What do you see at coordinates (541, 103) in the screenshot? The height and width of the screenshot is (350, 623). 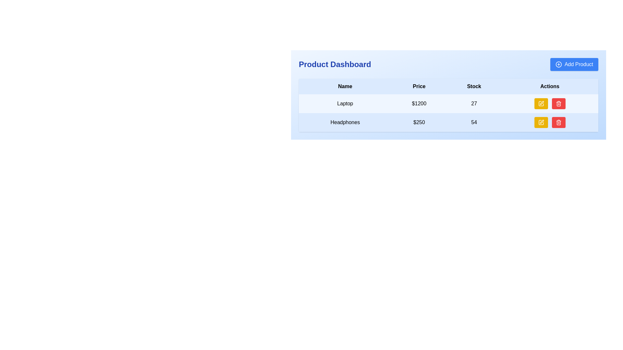 I see `the interactive edit icon located in the 'Actions' column of the first row in the table associated with the 'Laptop' product` at bounding box center [541, 103].